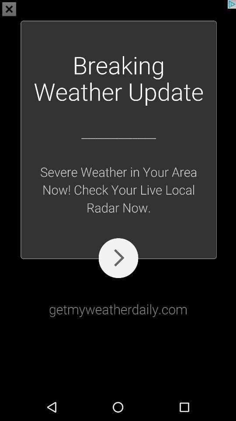 The height and width of the screenshot is (421, 236). What do you see at coordinates (9, 9) in the screenshot?
I see `the close icon` at bounding box center [9, 9].